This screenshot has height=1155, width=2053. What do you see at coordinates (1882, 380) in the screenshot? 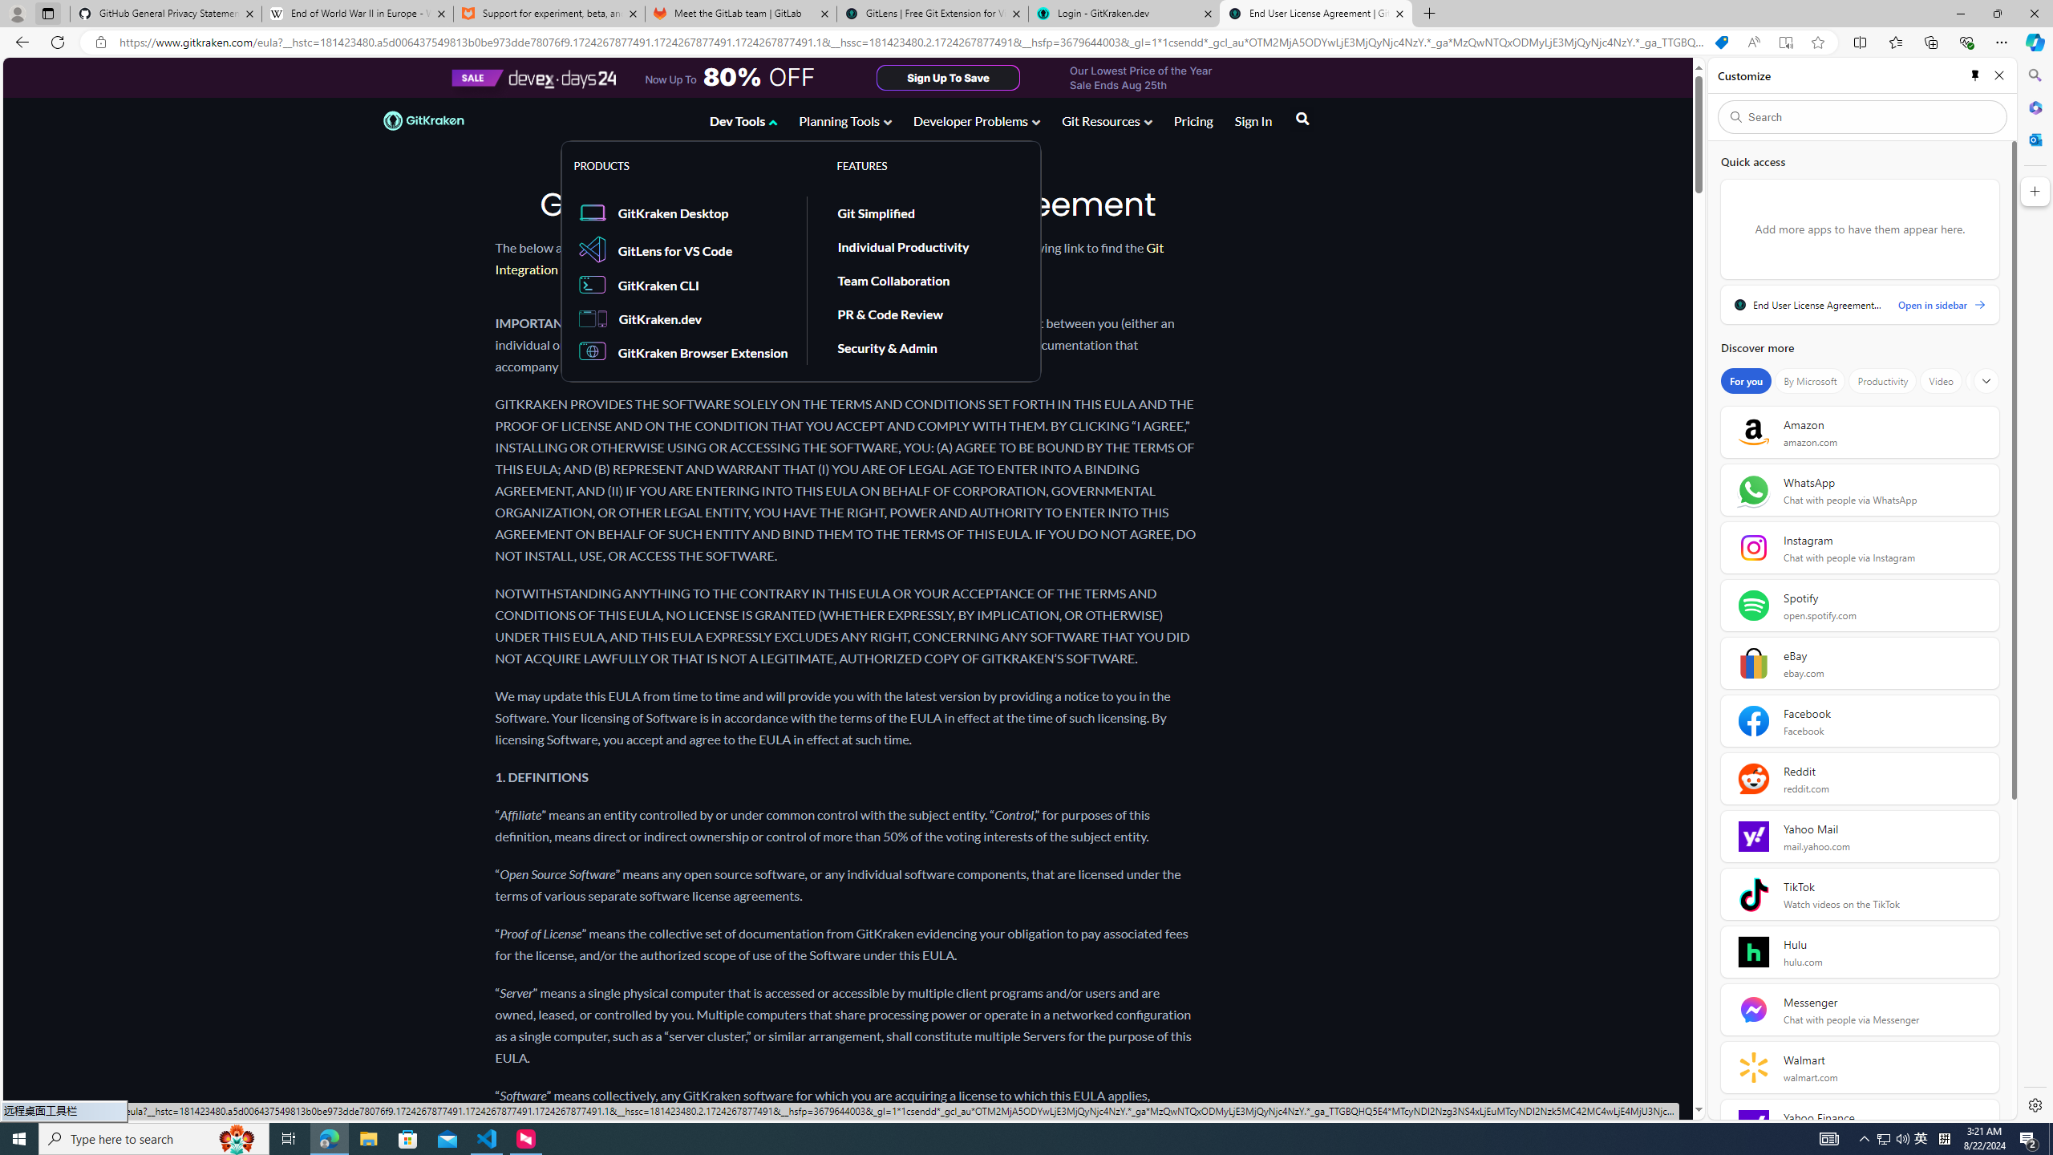
I see `'Productivity'` at bounding box center [1882, 380].